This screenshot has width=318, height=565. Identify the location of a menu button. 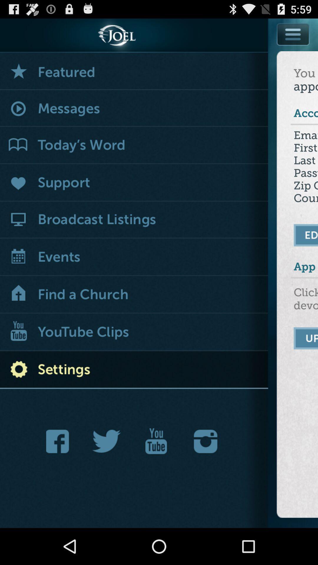
(293, 47).